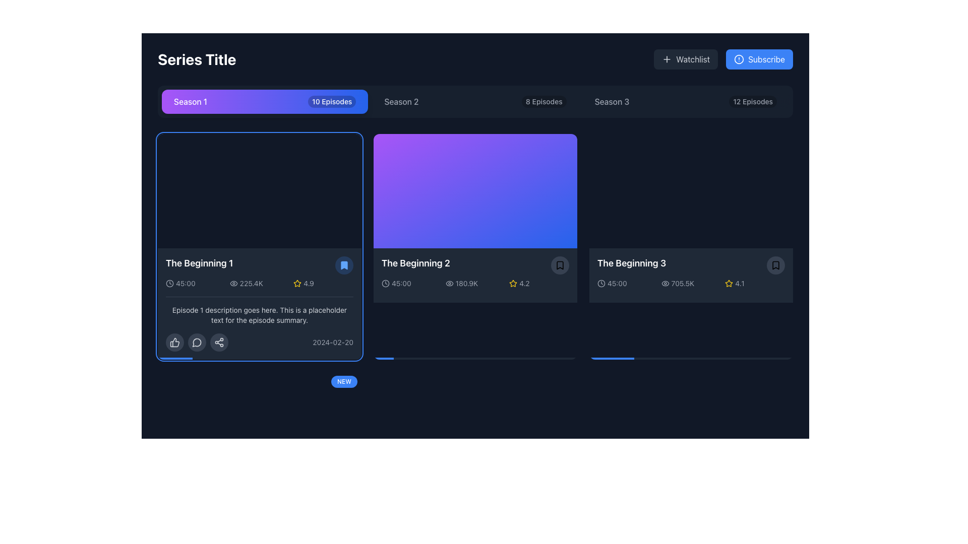 The width and height of the screenshot is (968, 544). Describe the element at coordinates (612, 101) in the screenshot. I see `the 'Season 3' text label for navigation via keyboard` at that location.